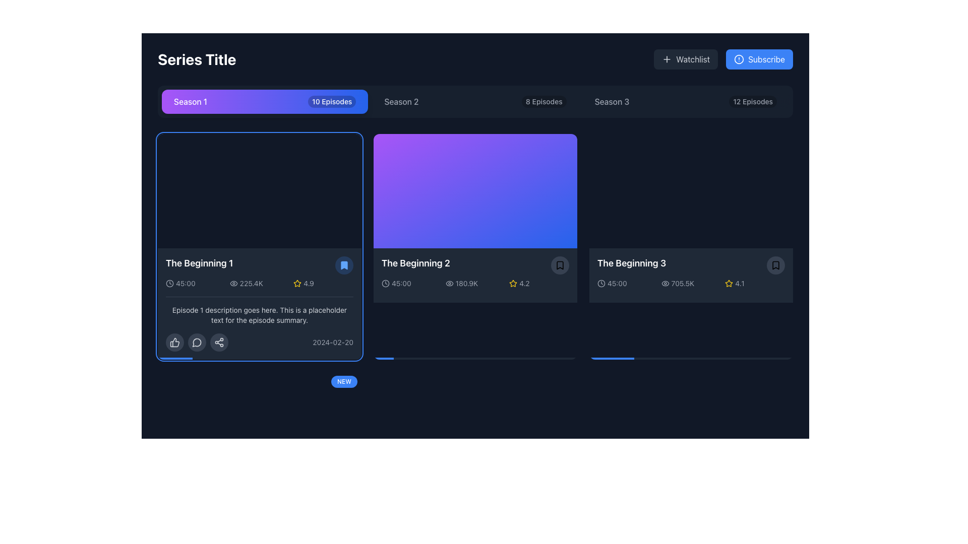 The width and height of the screenshot is (968, 544). Describe the element at coordinates (612, 101) in the screenshot. I see `the 'Season 3' text label for navigation via keyboard` at that location.